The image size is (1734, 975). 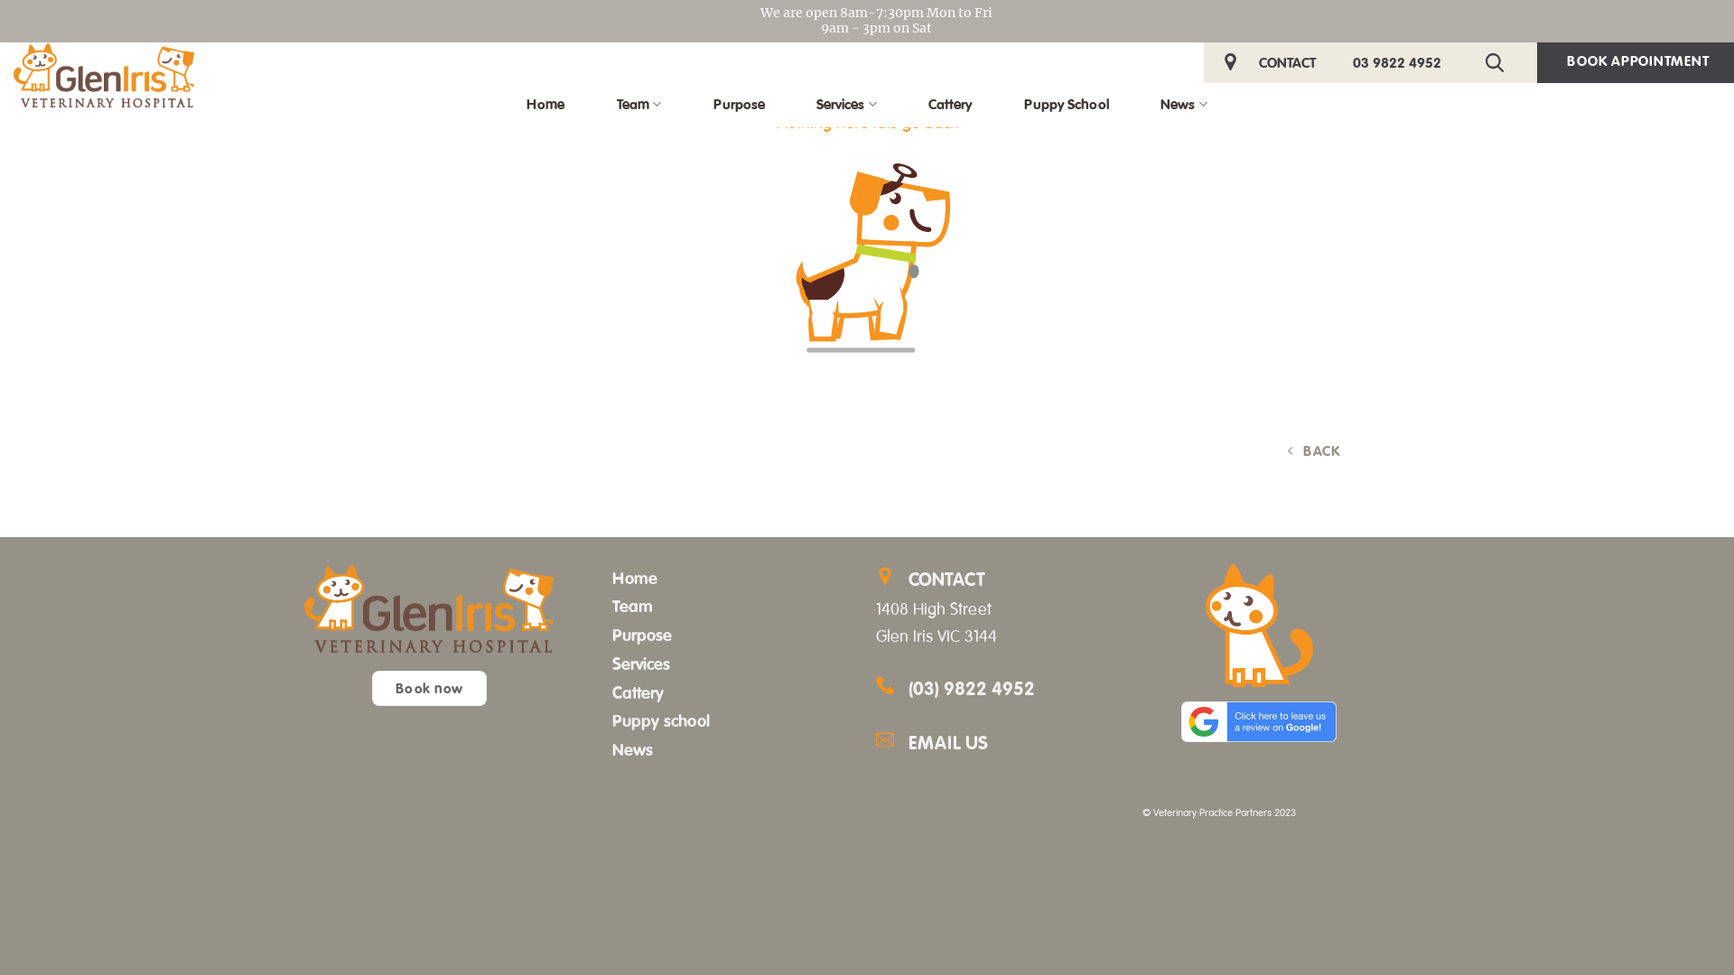 I want to click on 'Purpose', so click(x=641, y=635).